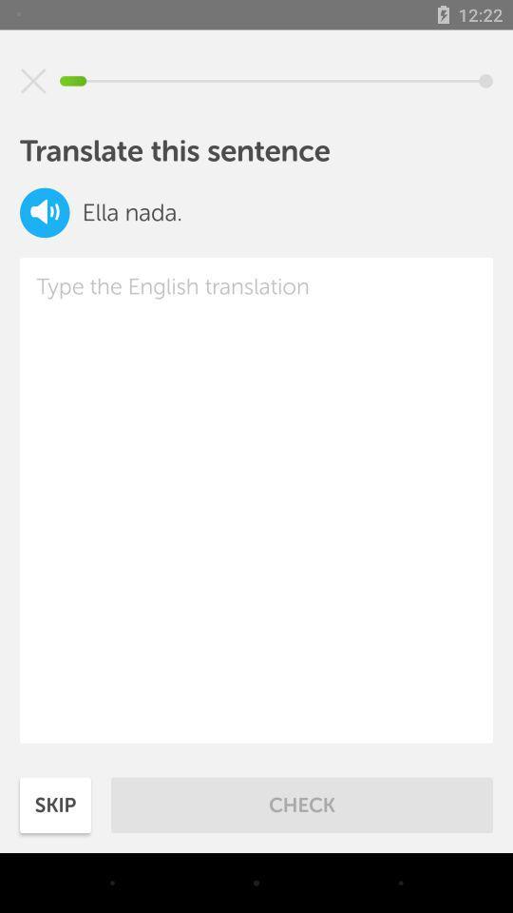  I want to click on the volume icon, so click(45, 212).